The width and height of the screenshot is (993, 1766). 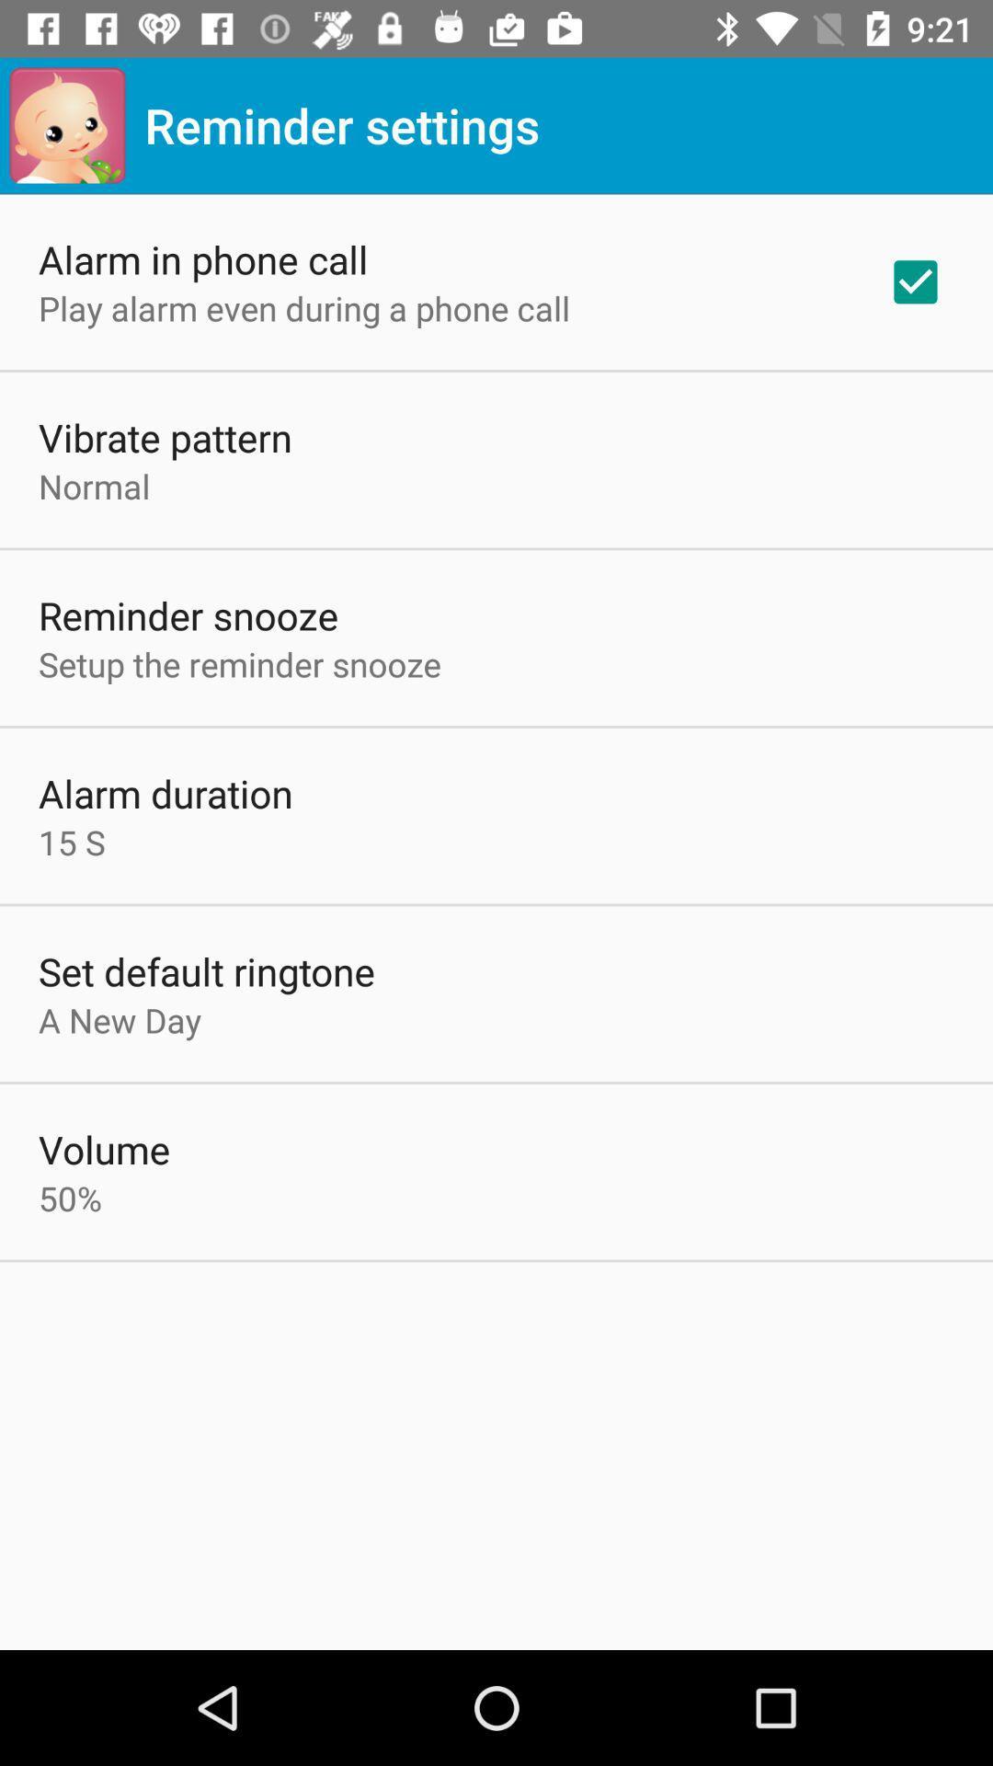 What do you see at coordinates (206, 970) in the screenshot?
I see `app below the 15 s` at bounding box center [206, 970].